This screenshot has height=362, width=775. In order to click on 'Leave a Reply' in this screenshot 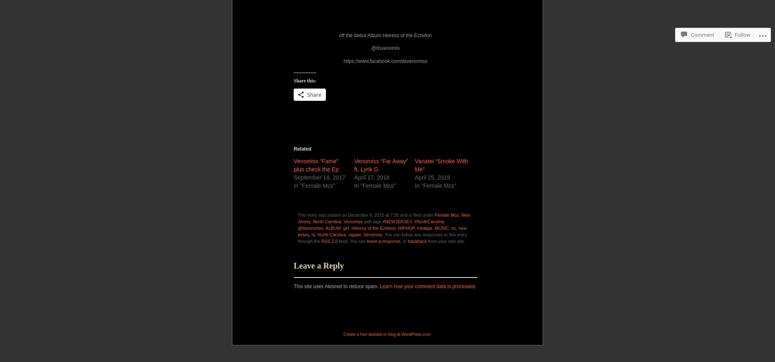, I will do `click(318, 265)`.